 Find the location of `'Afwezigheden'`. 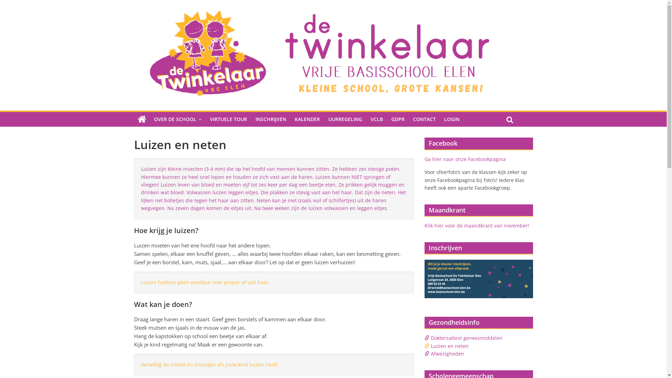

'Afwezigheden' is located at coordinates (447, 353).